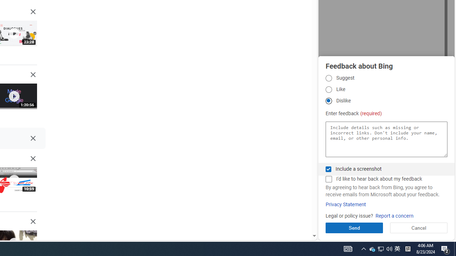 The image size is (456, 256). Describe the element at coordinates (32, 221) in the screenshot. I see `'Class: TjcpUd NMm5M'` at that location.